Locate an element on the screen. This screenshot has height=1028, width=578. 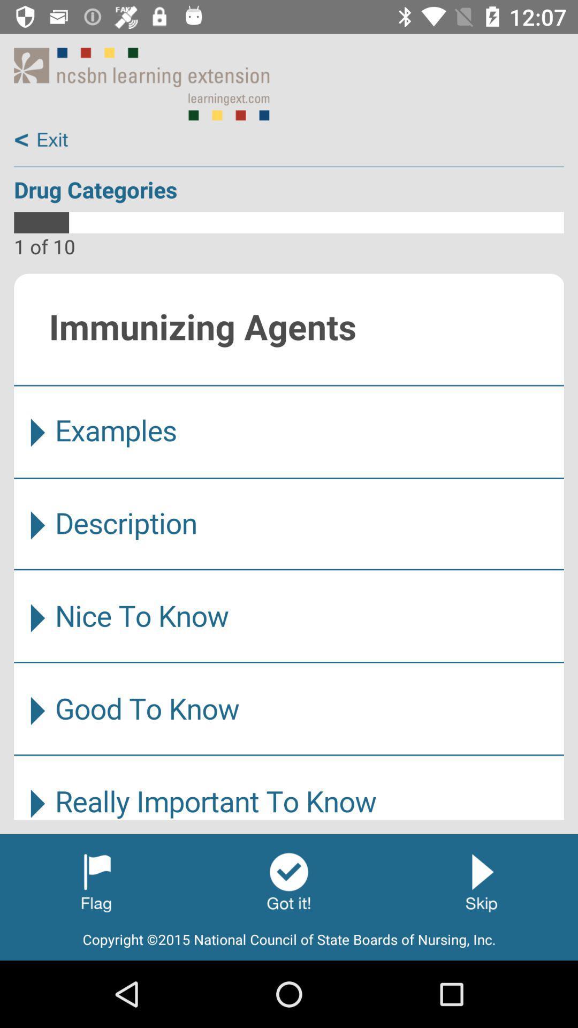
exit is located at coordinates (41, 140).